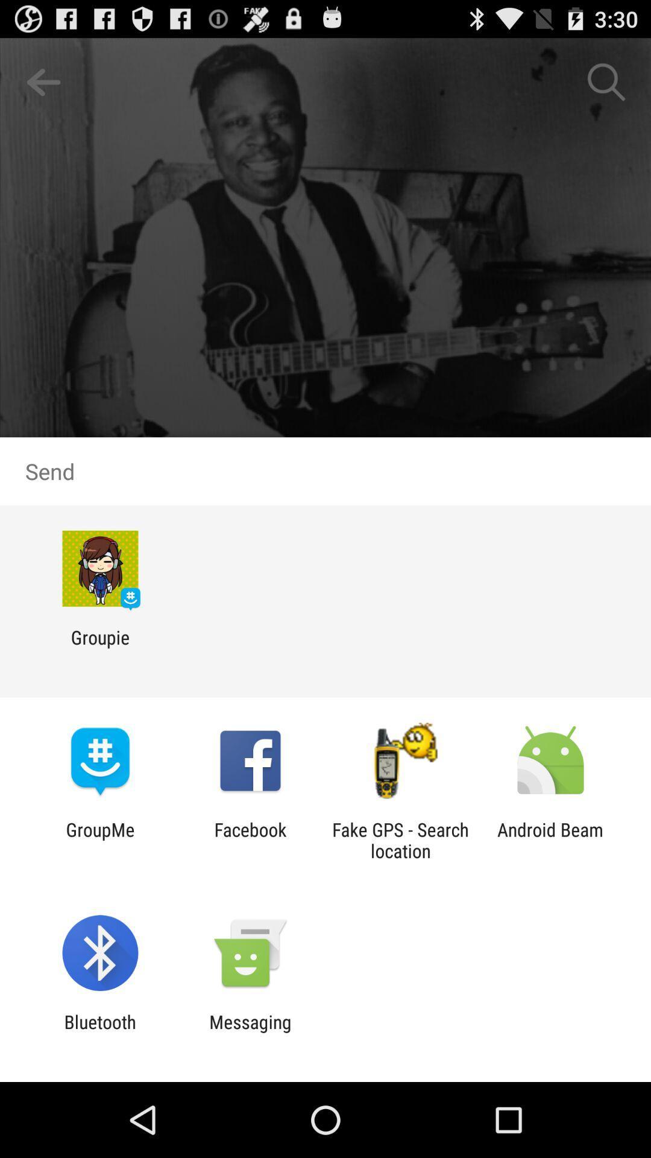 The height and width of the screenshot is (1158, 651). I want to click on icon to the right of the groupme item, so click(250, 840).